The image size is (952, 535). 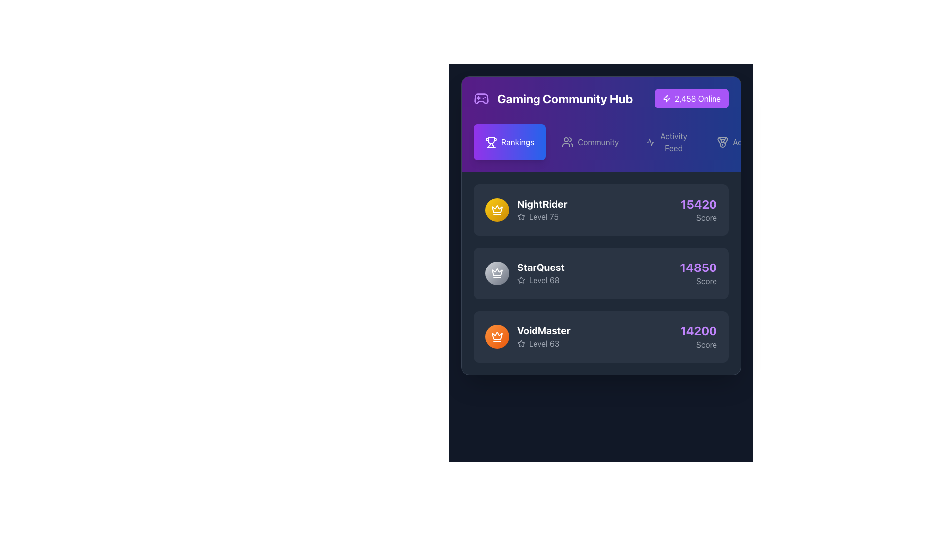 I want to click on the 'Activity Feed' text label located in the header section of the user interface, so click(x=673, y=142).